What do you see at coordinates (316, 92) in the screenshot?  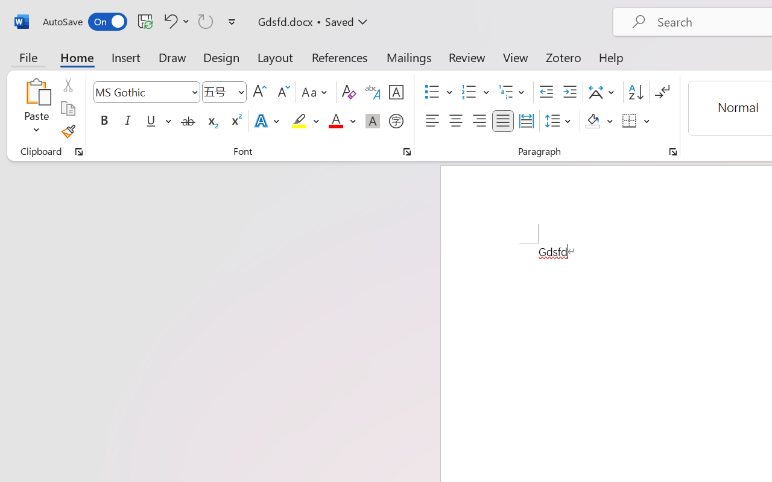 I see `'Change Case'` at bounding box center [316, 92].